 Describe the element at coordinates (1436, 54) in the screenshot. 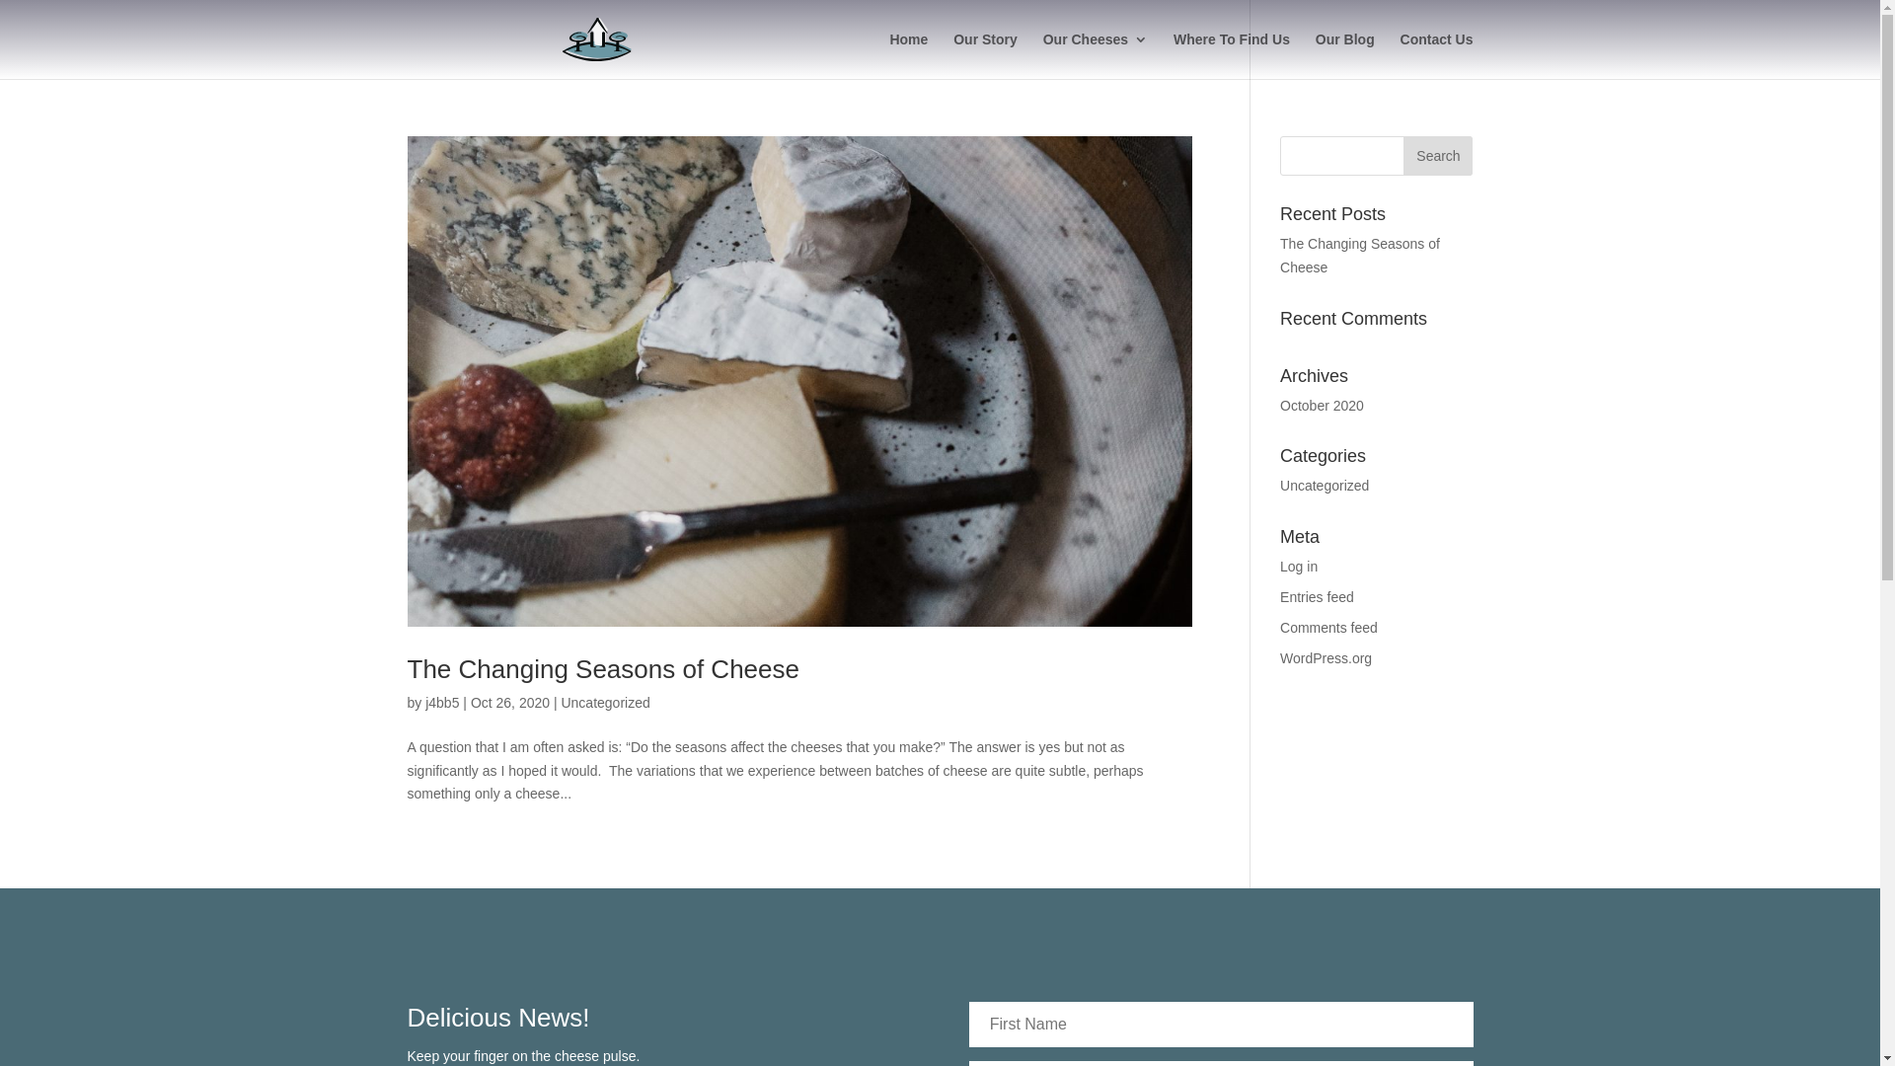

I see `'Contact Us'` at that location.